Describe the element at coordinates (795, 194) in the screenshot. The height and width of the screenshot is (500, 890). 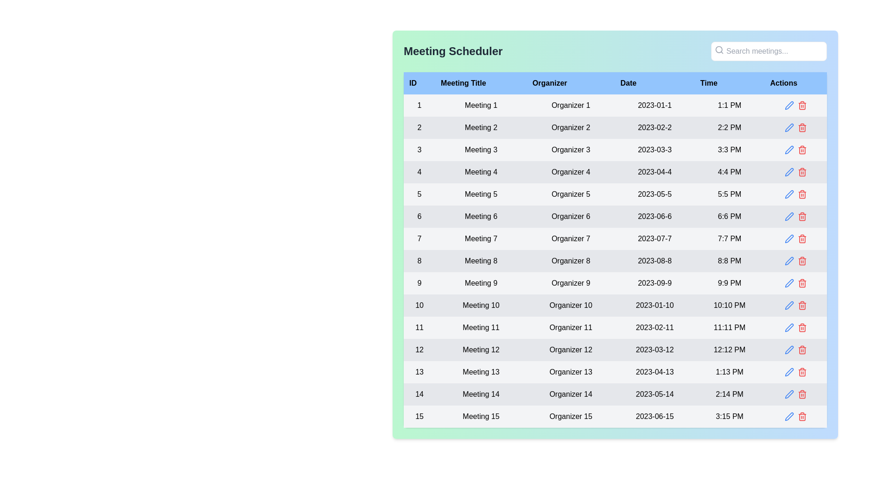
I see `the blue edit icon in the Icon Group located in the 'Actions' column for the meeting scheduled on '2023-05-5' at '5:5 PM' to modify the meeting` at that location.